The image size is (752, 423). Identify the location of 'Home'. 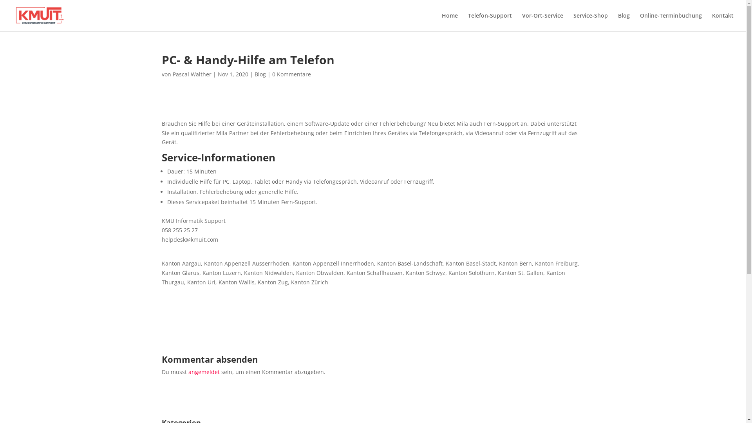
(450, 22).